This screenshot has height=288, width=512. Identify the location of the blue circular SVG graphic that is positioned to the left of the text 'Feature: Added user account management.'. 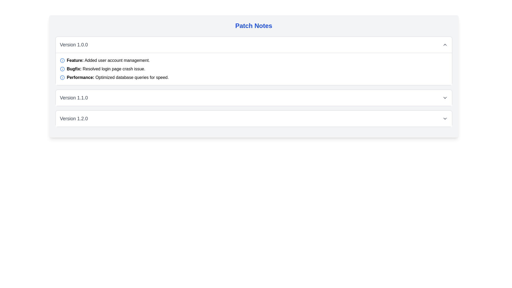
(62, 77).